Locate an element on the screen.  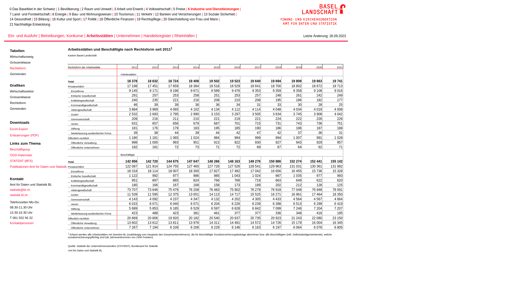
'10 Tourismus' is located at coordinates (123, 14).